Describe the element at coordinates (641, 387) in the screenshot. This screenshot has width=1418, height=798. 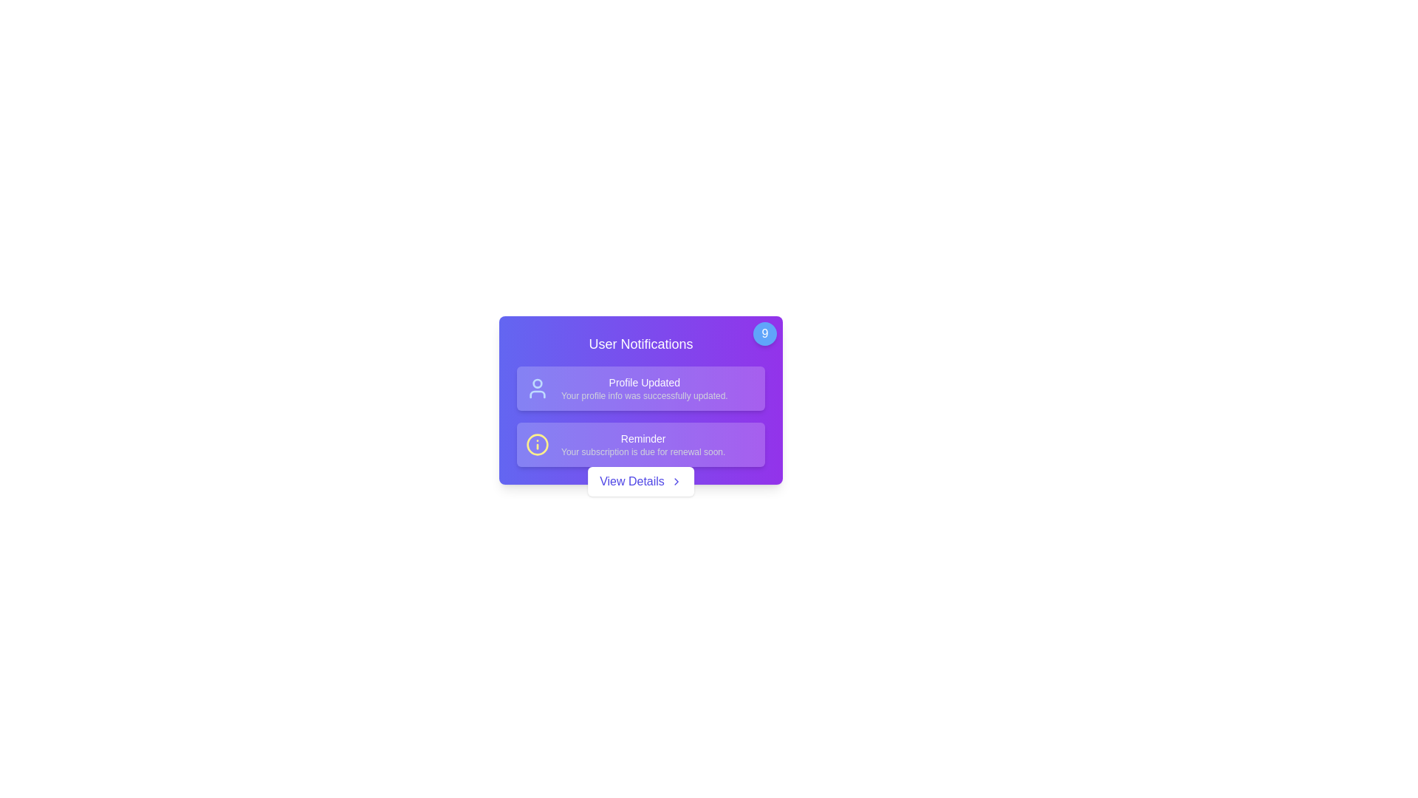
I see `the Notification Panel that confirms the user's profile has been successfully updated, which is the first notification item in the vertically stacked group` at that location.